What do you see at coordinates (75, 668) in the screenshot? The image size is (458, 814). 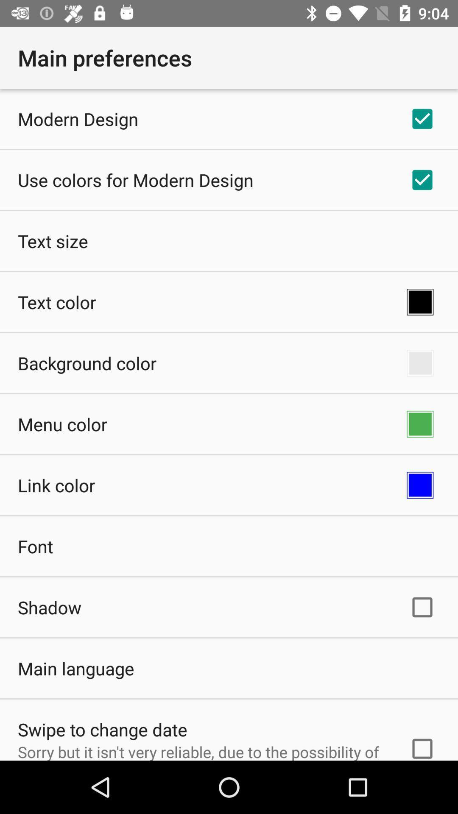 I see `the icon below the shadow item` at bounding box center [75, 668].